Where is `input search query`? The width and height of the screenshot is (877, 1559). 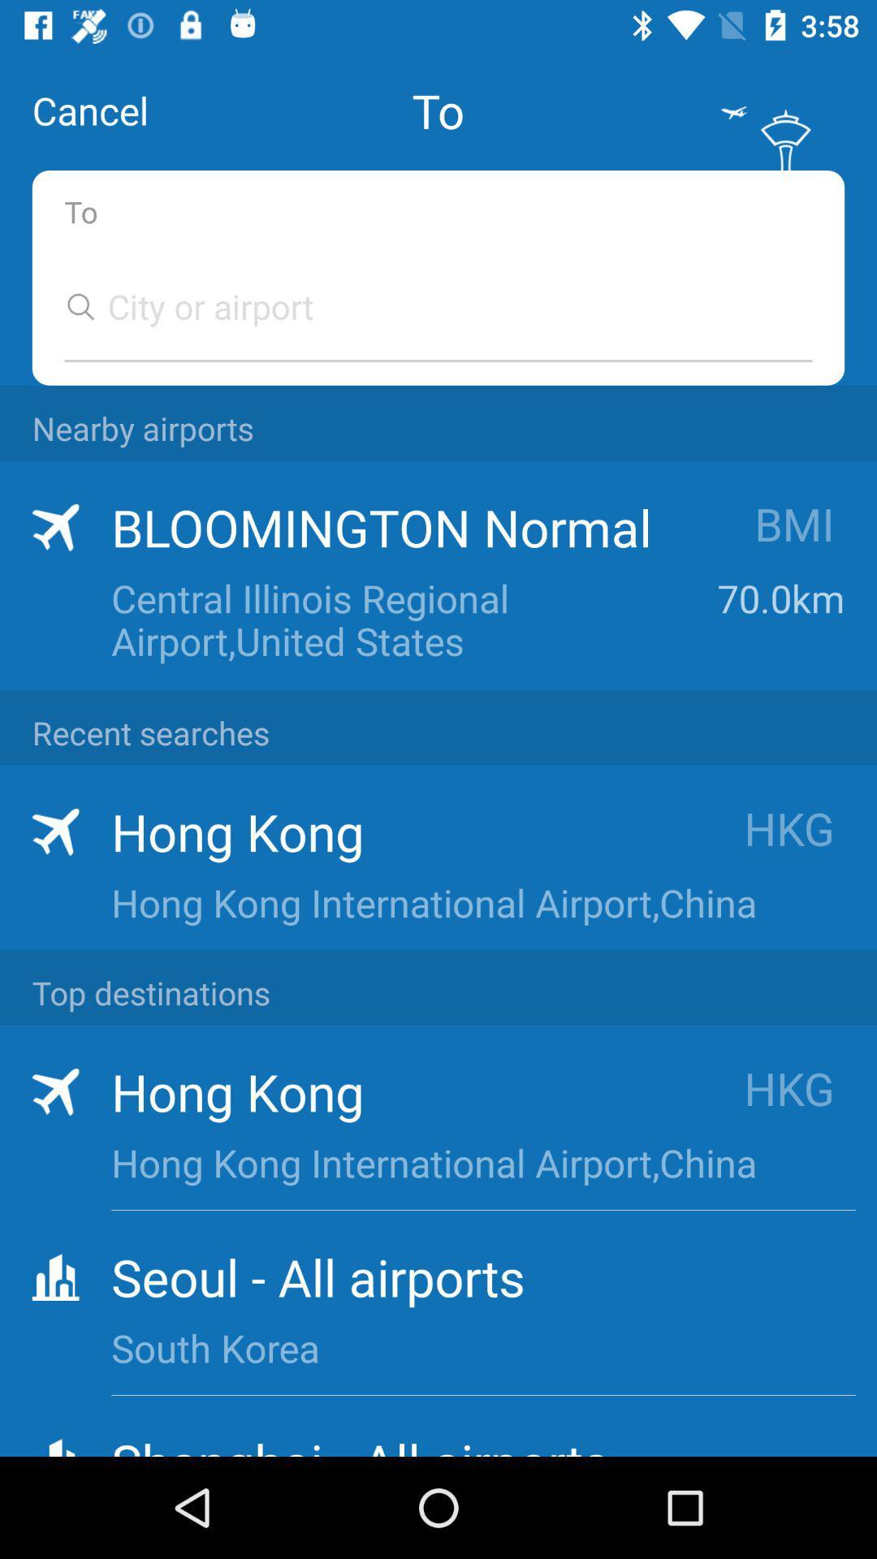 input search query is located at coordinates (421, 306).